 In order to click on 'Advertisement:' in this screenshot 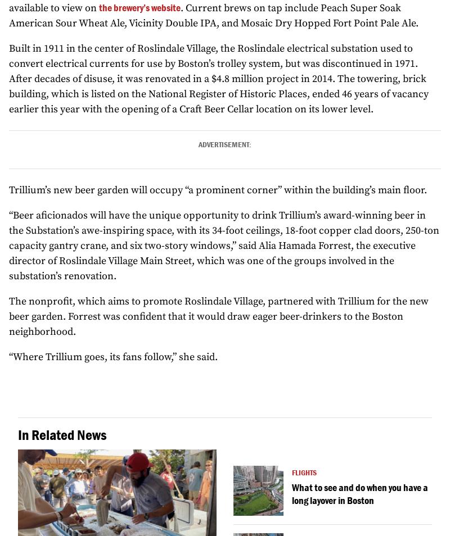, I will do `click(198, 144)`.